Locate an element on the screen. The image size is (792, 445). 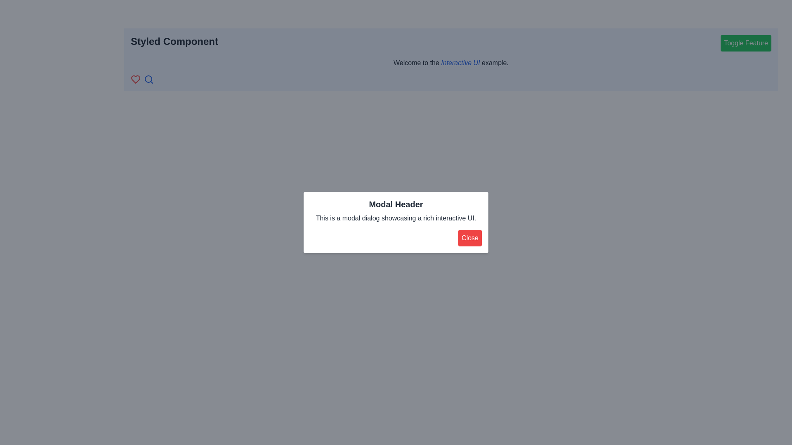
the 'Interactive UI' text label located in the header section for more actions is located at coordinates (460, 62).